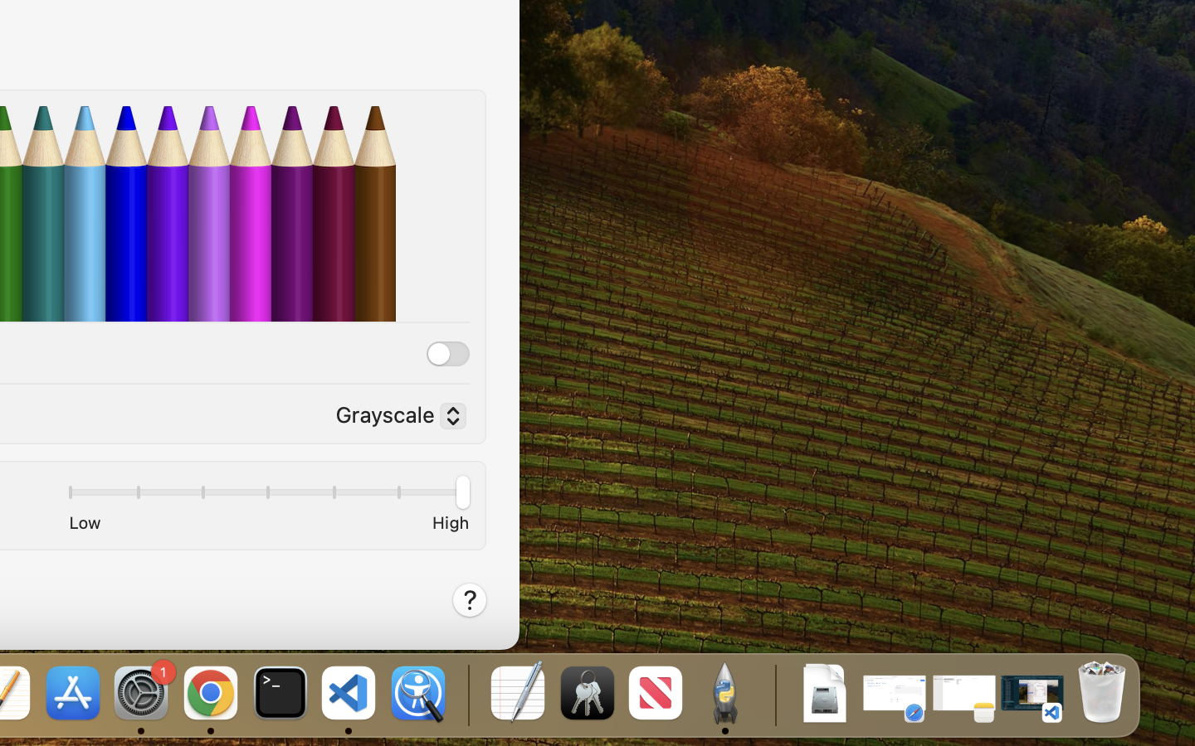 This screenshot has width=1195, height=746. Describe the element at coordinates (267, 495) in the screenshot. I see `'1.0'` at that location.